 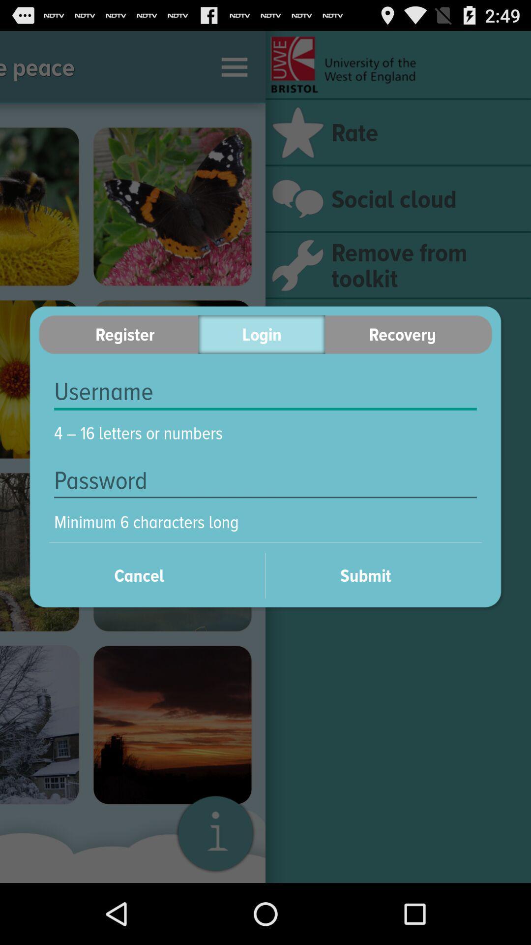 I want to click on icon next to the login item, so click(x=409, y=334).